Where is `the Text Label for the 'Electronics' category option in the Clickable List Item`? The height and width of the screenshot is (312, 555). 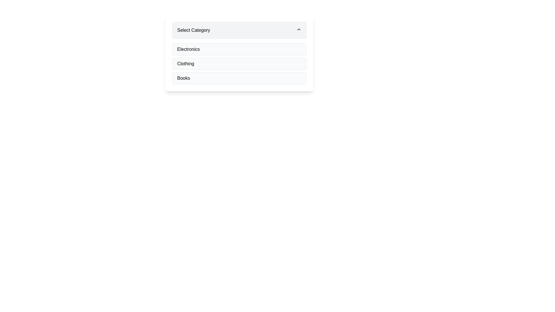
the Text Label for the 'Electronics' category option in the Clickable List Item is located at coordinates (188, 49).